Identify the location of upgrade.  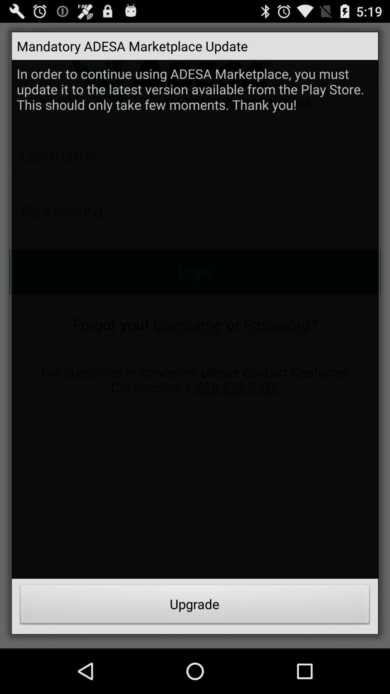
(195, 606).